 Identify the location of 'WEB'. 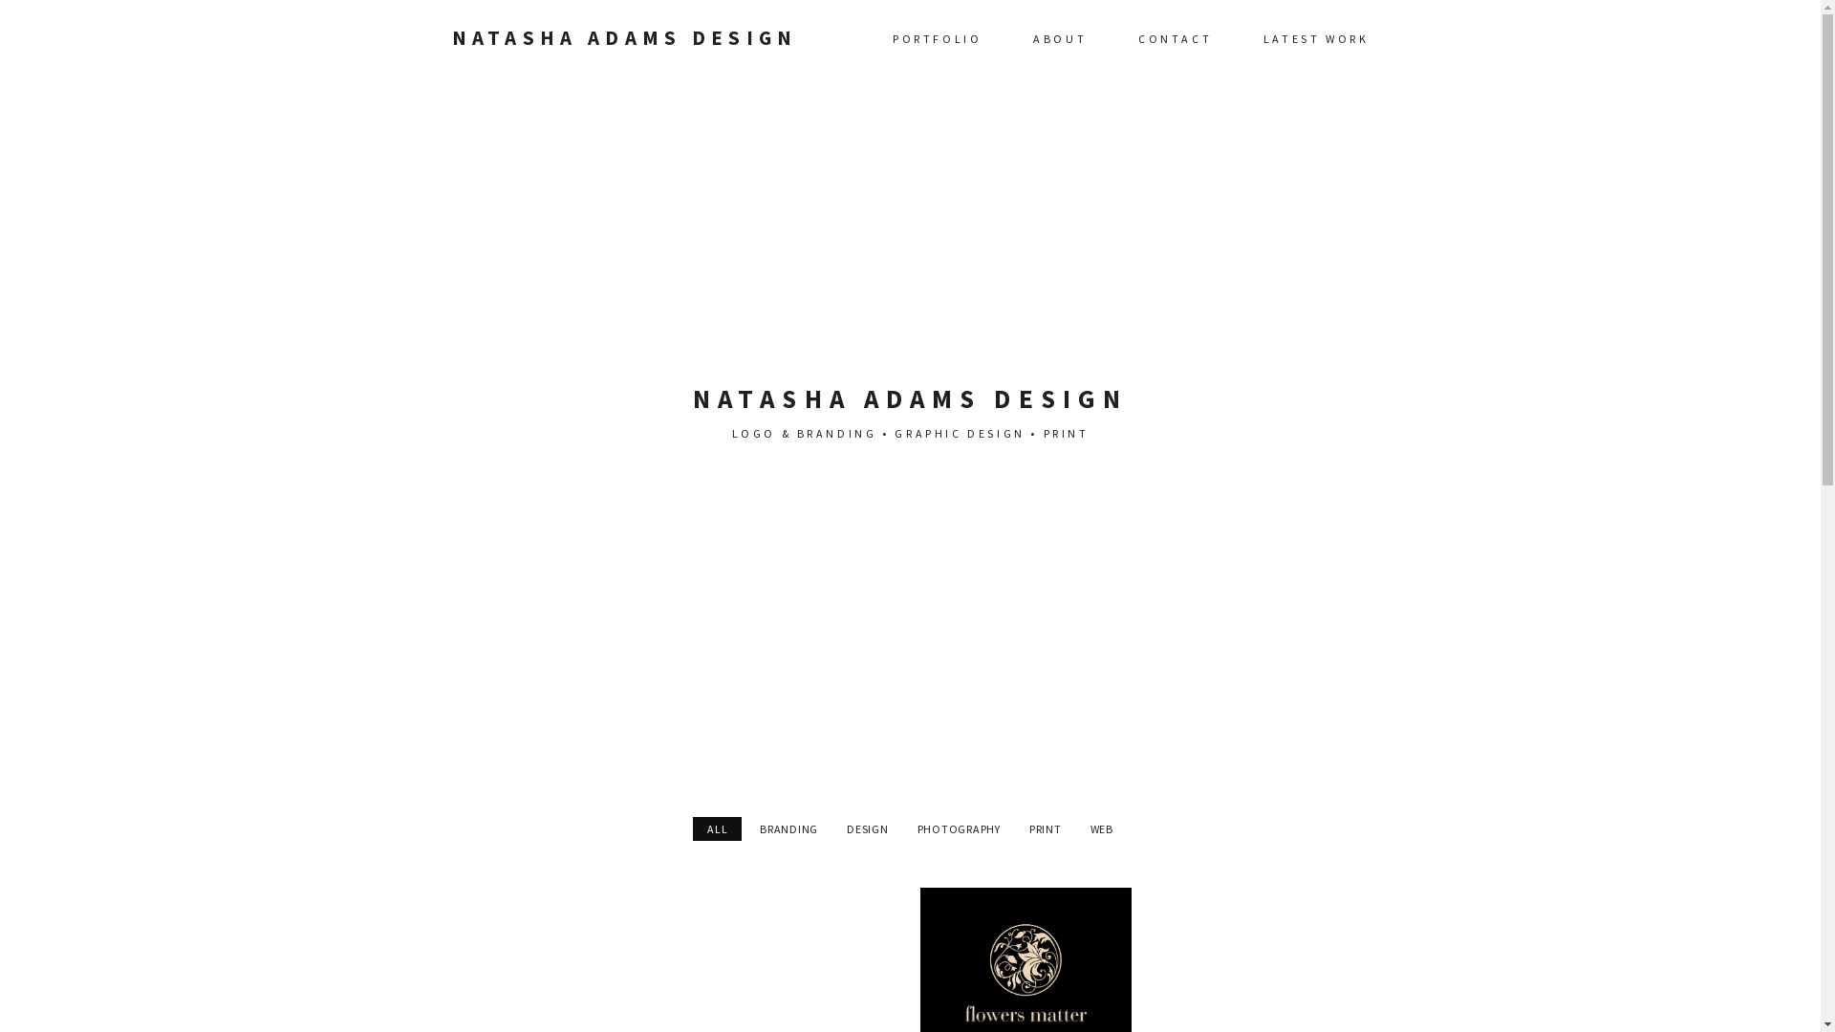
(1101, 828).